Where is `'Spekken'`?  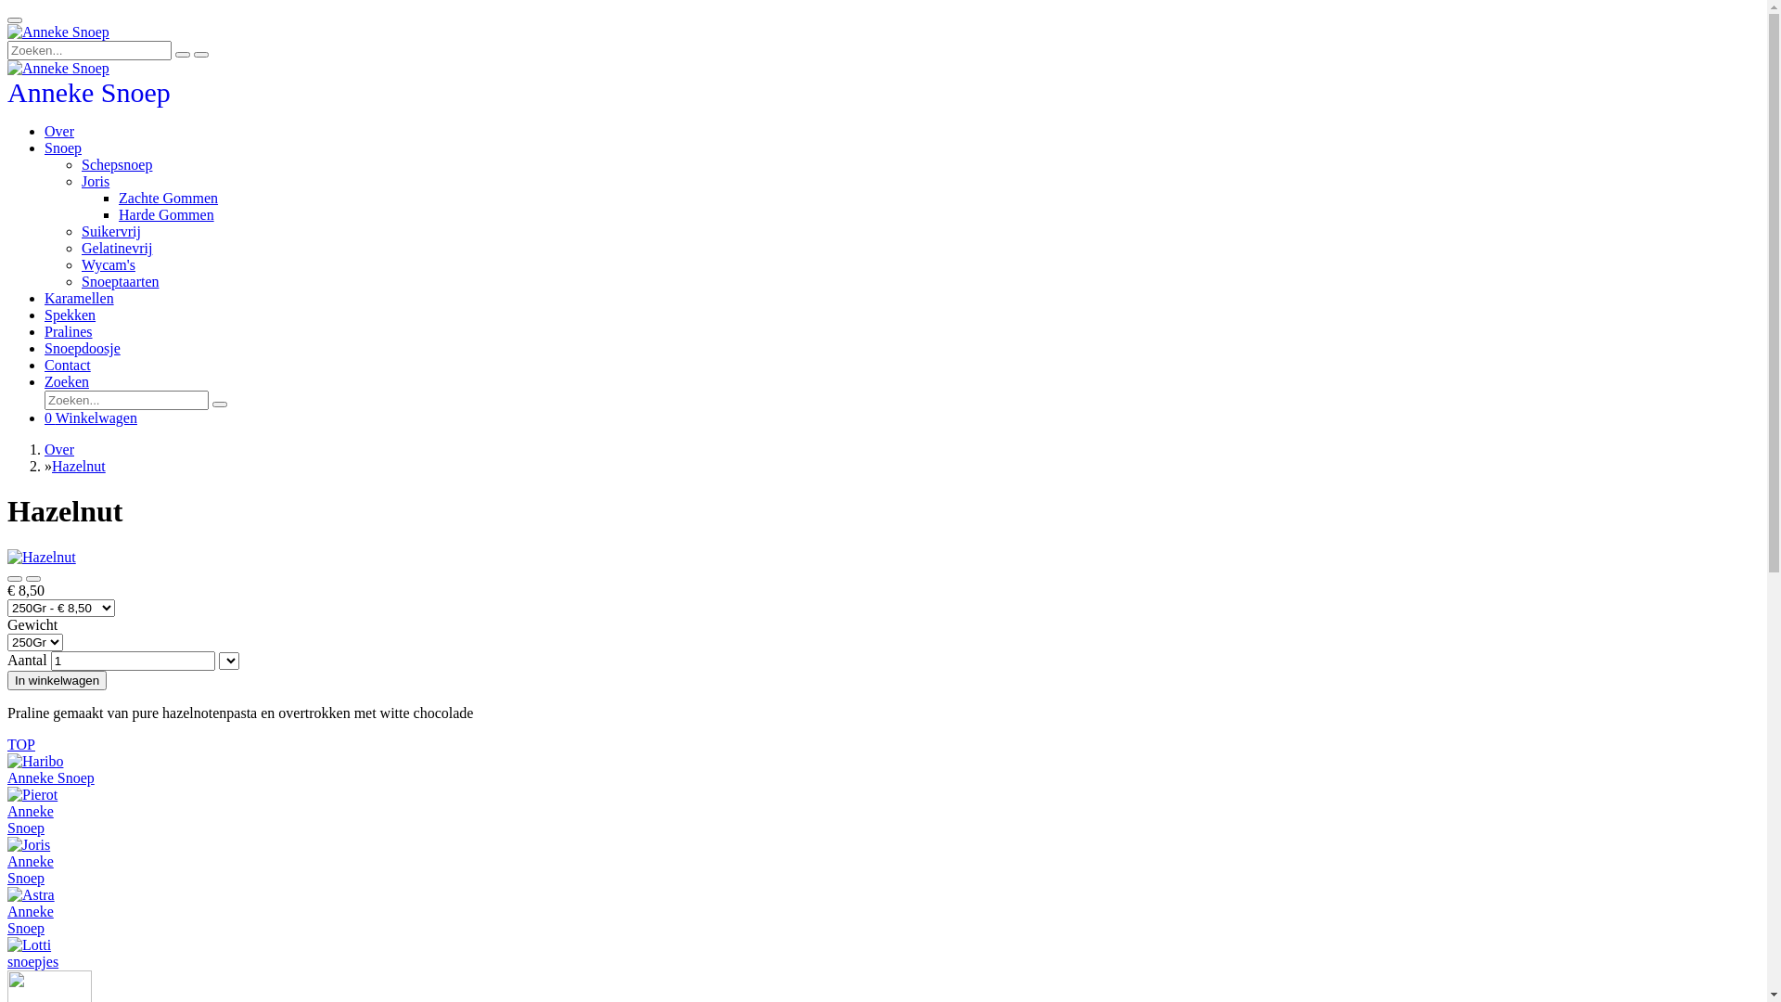
'Spekken' is located at coordinates (70, 314).